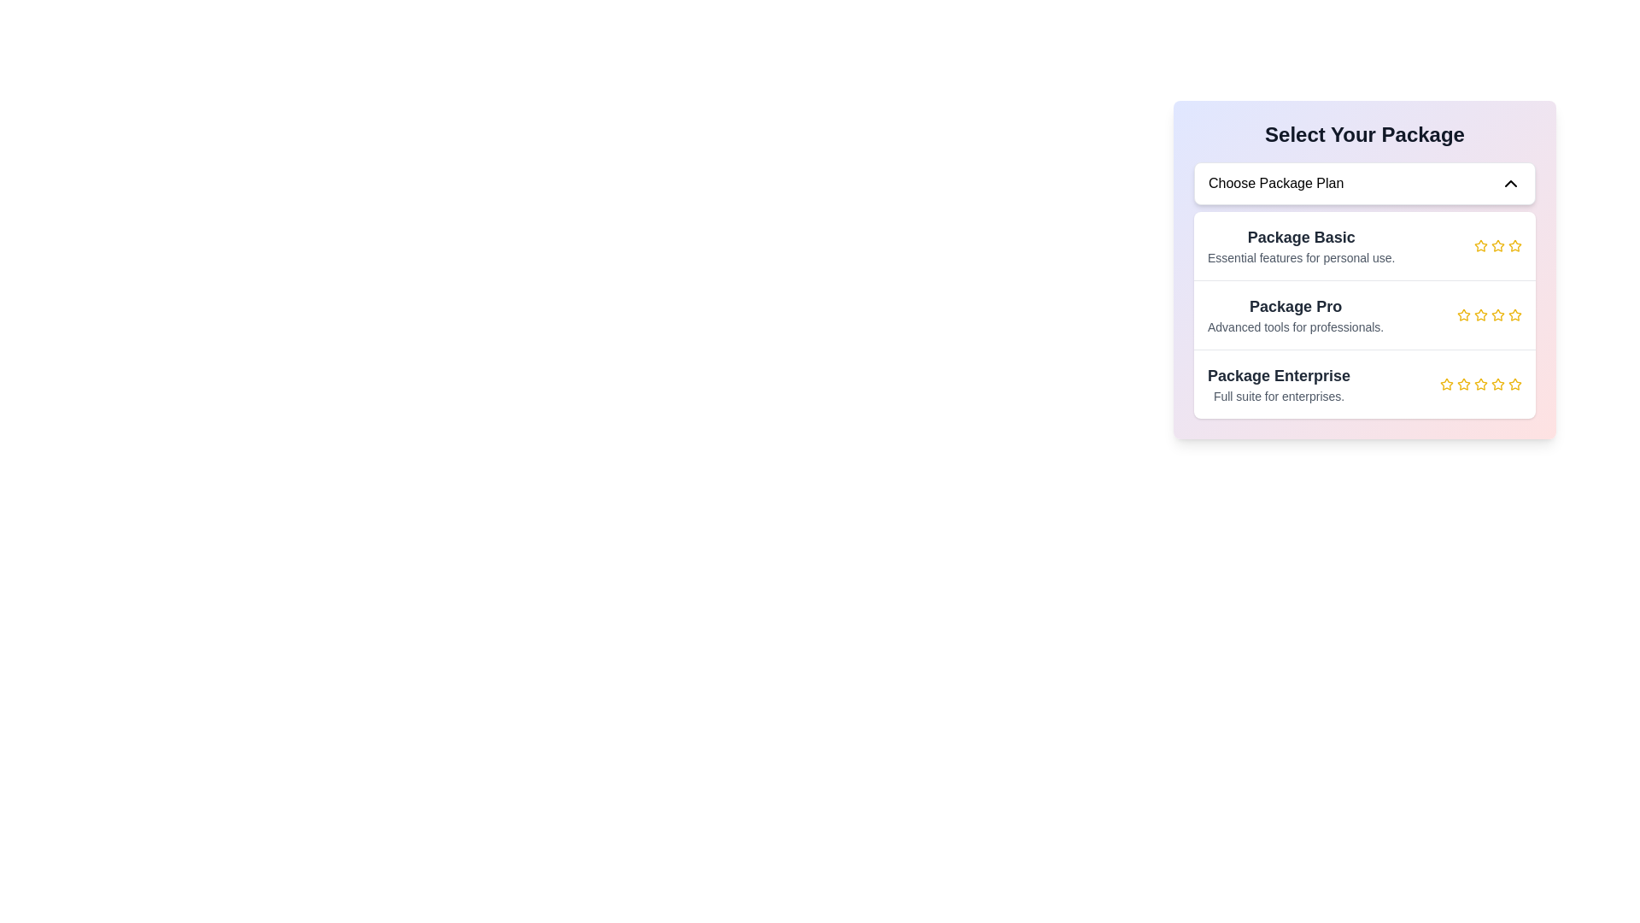 This screenshot has height=923, width=1640. Describe the element at coordinates (1479, 246) in the screenshot. I see `the first golden star icon in the horizontal arrangement associated with the 'Package Basic' entry in the package selection panel` at that location.